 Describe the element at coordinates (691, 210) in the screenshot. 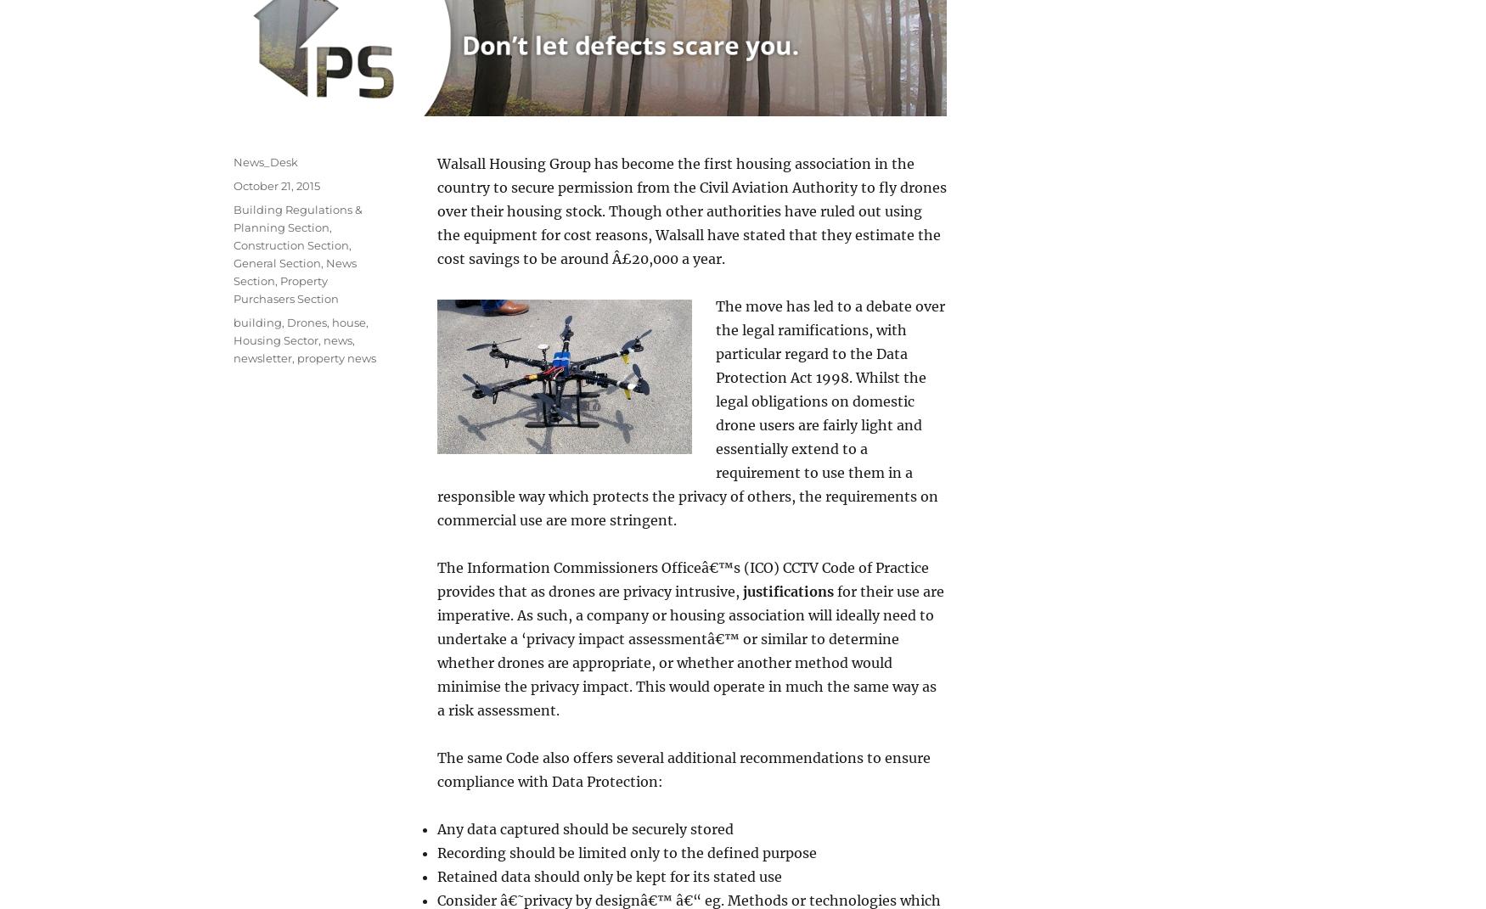

I see `'Walsall Housing Group has become the first housing association in the country to secure permission from the Civil Aviation Authority to fly drones over their housing stock. Though other authorities have ruled out using the equipment for cost reasons, Walsall have stated that they estimate the cost savings to be around Â£20,000 a year.'` at that location.